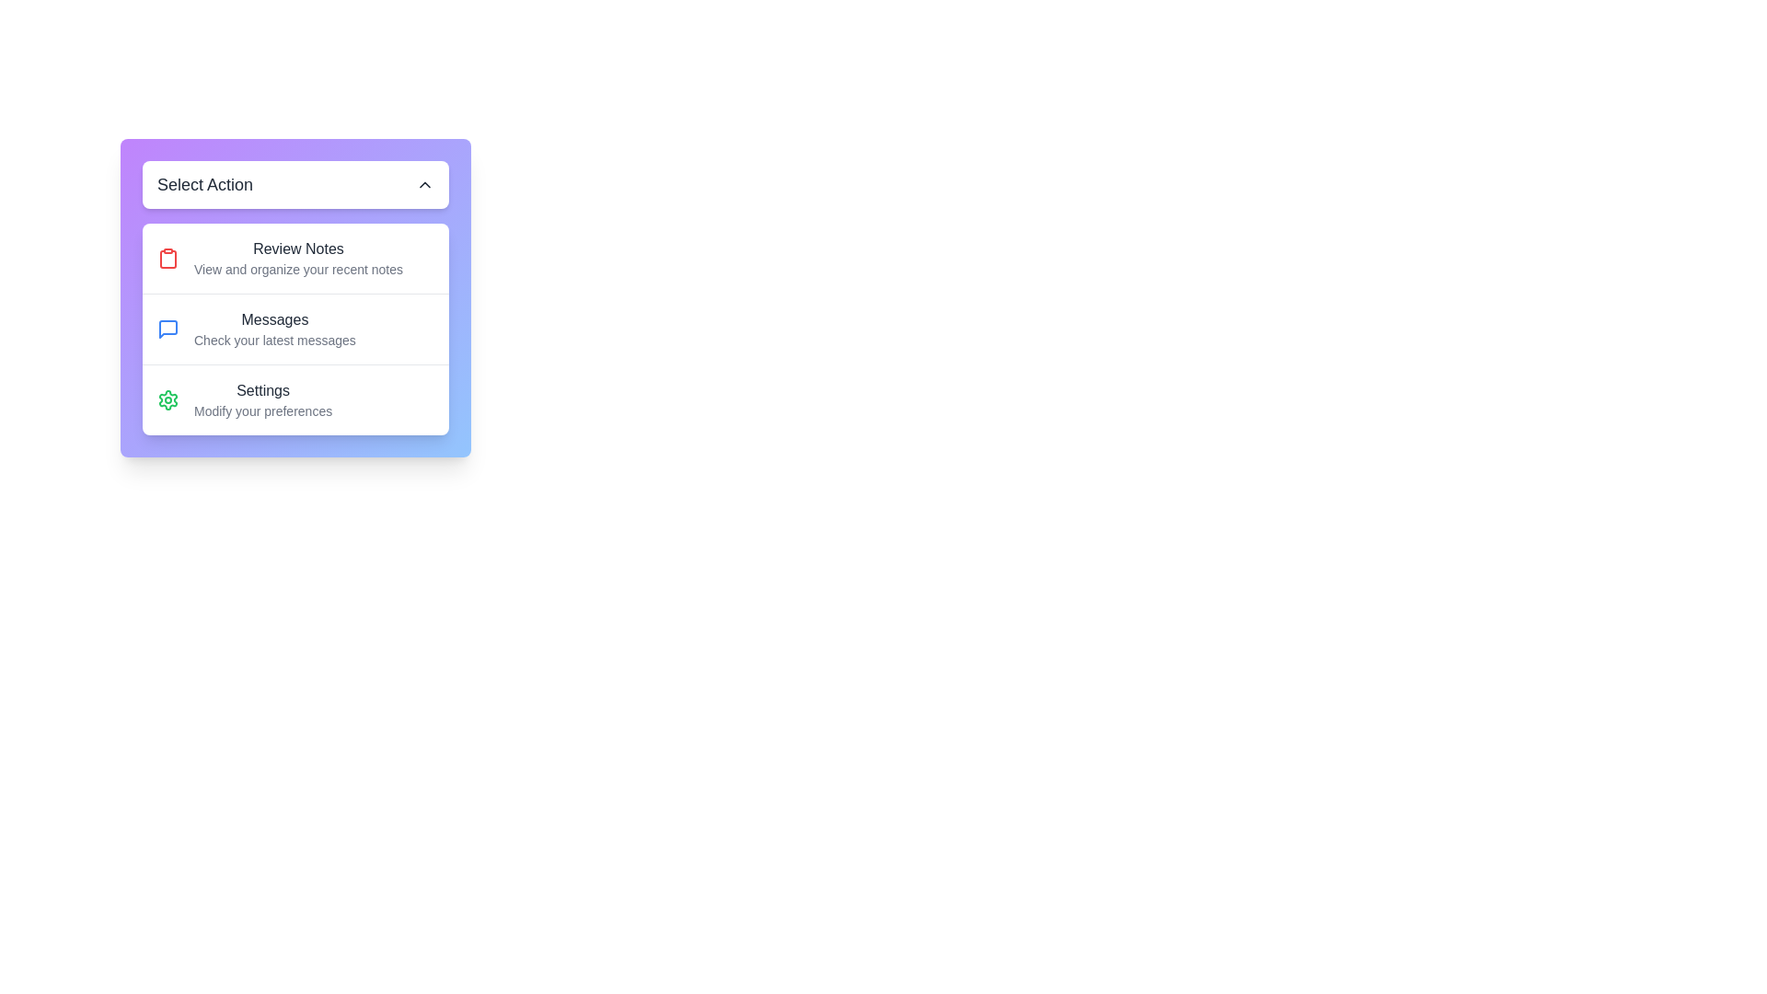  Describe the element at coordinates (167, 399) in the screenshot. I see `the small green settings gear icon located on the left side in the 'Settings' row of a vertical list` at that location.